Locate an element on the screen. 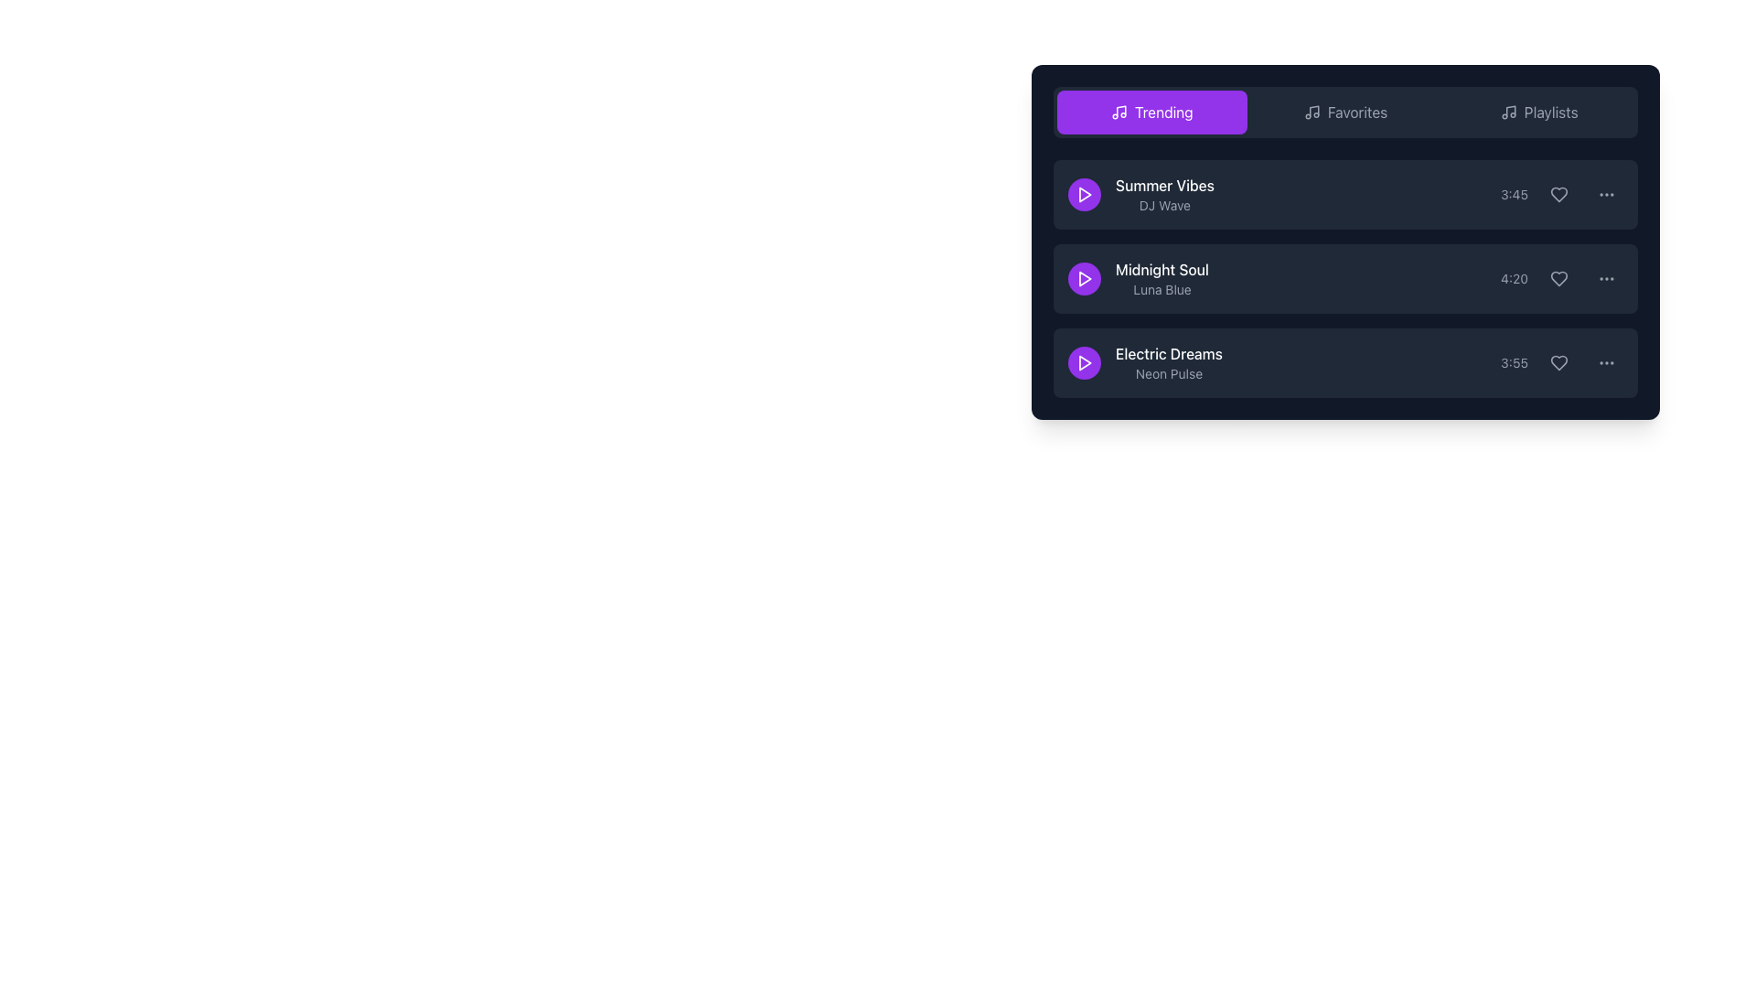 The image size is (1756, 988). the heart-shaped button icon that is outlined and positioned within a dark rectangular card, located to the right of the time display '3:45', for accessibility navigation is located at coordinates (1558, 194).